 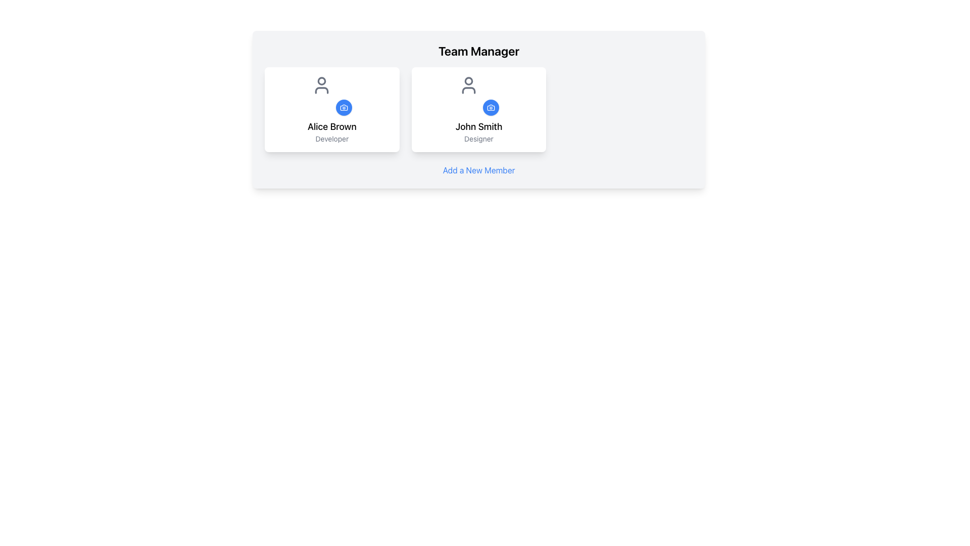 What do you see at coordinates (468, 80) in the screenshot?
I see `the circular top portion of the avatar icon representing 'John Smith' in the second card from the left` at bounding box center [468, 80].